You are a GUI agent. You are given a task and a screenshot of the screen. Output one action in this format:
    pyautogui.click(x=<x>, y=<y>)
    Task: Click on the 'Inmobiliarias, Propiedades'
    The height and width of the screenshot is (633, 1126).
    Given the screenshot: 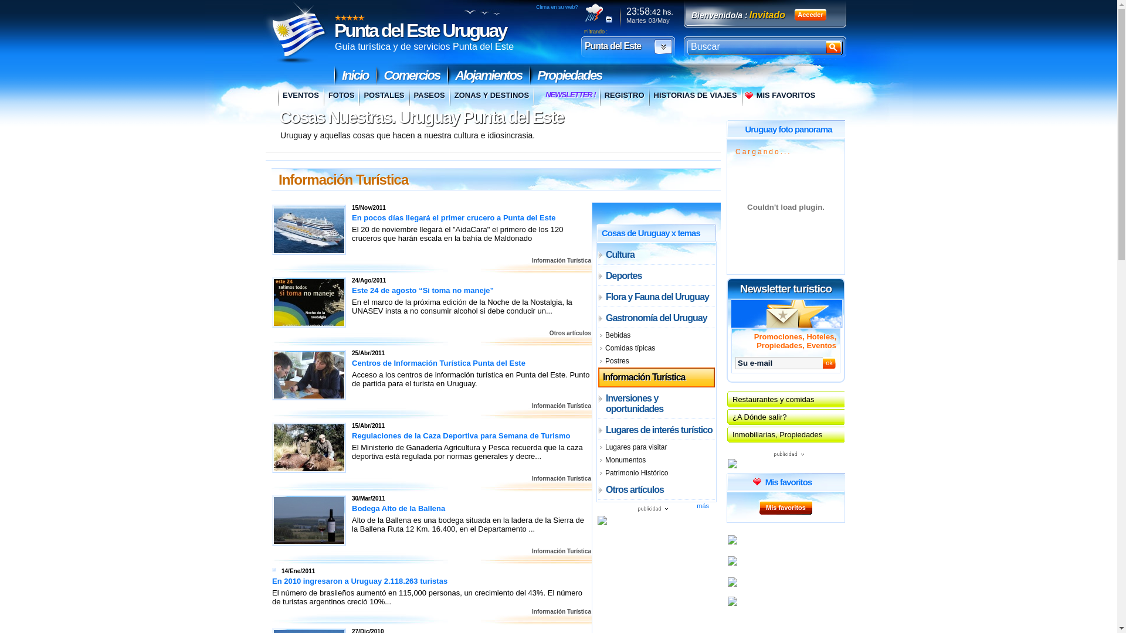 What is the action you would take?
    pyautogui.click(x=785, y=434)
    